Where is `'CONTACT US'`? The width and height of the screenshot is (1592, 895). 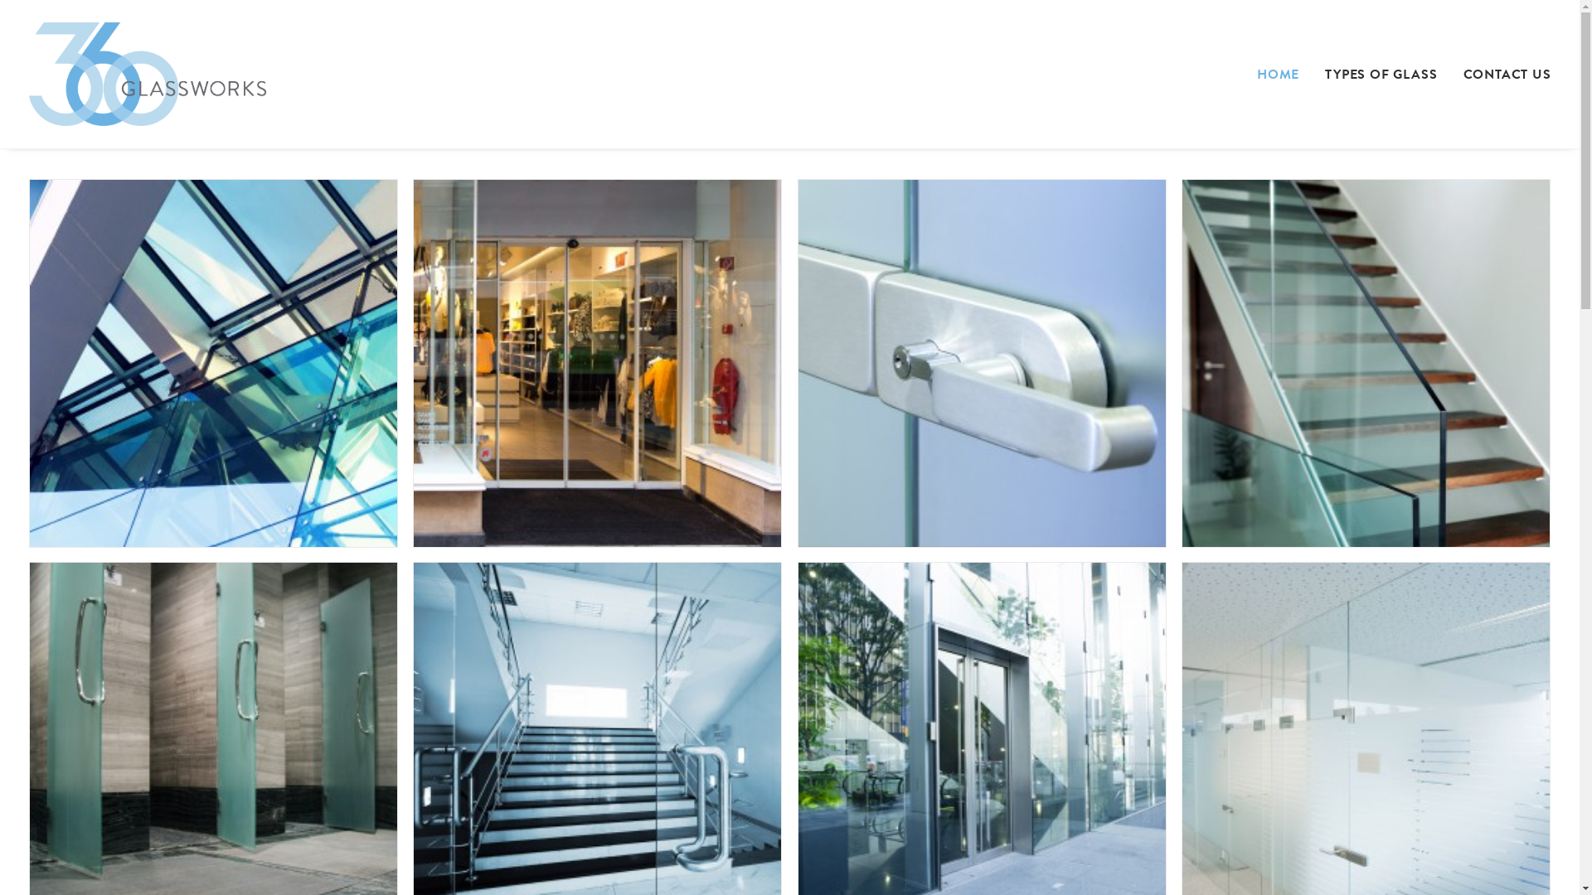 'CONTACT US' is located at coordinates (1500, 73).